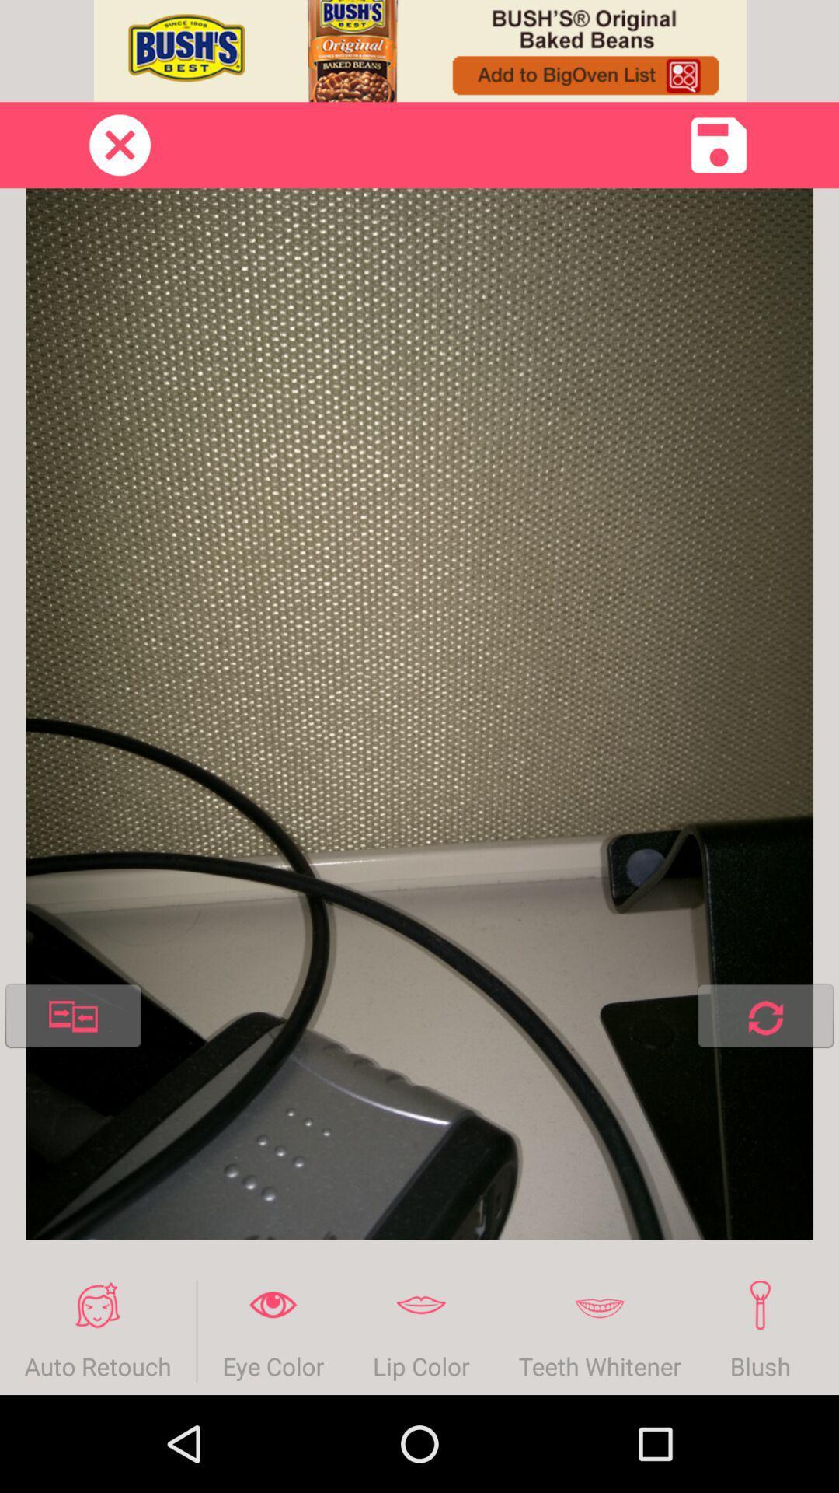 This screenshot has height=1493, width=839. I want to click on the icon next to teeth whitener icon, so click(421, 1330).